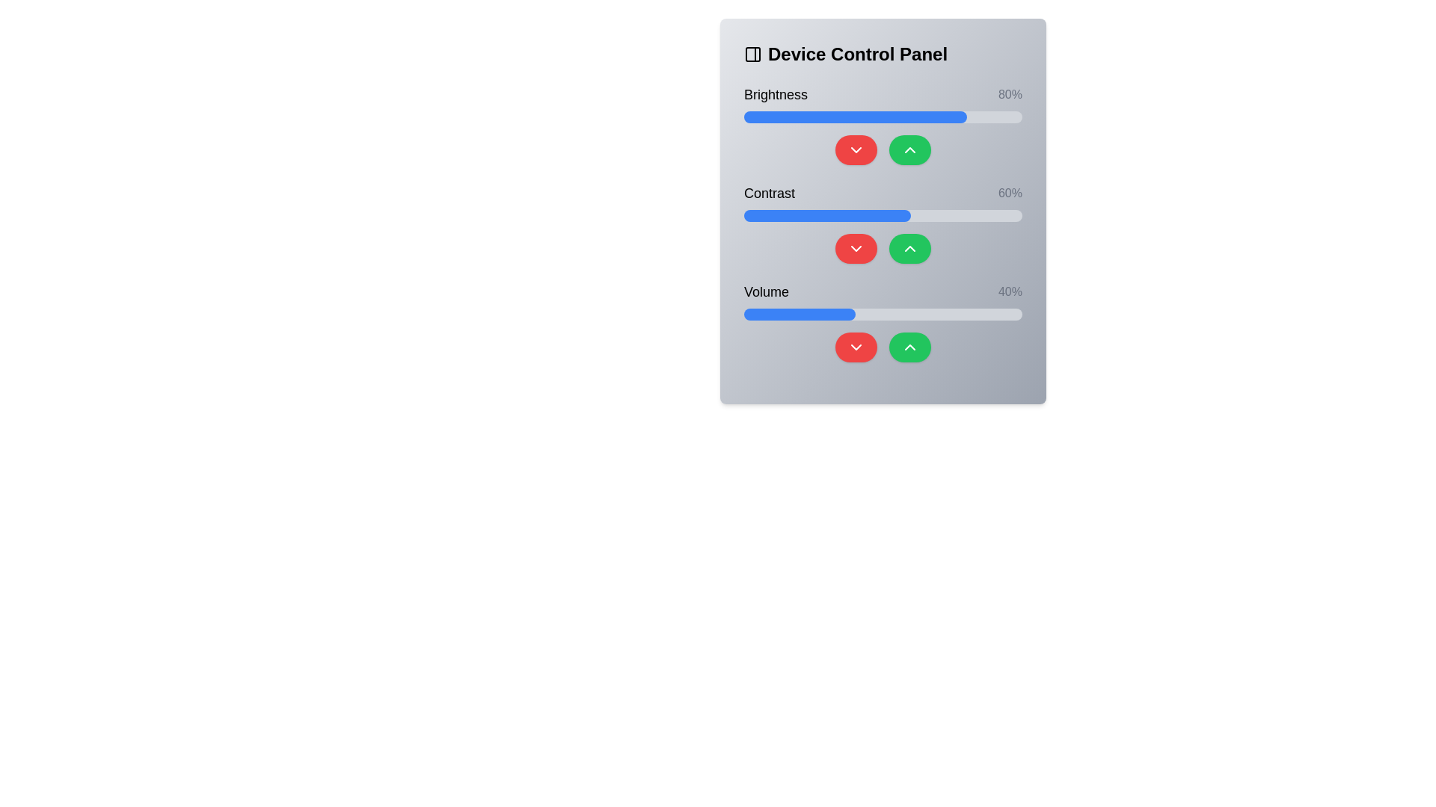 The width and height of the screenshot is (1436, 807). I want to click on text content of the header label for the 'Device Control Panel', which is positioned at the upper part of the panel above the sections for 'Brightness', 'Contrast', and 'Volume', so click(883, 54).